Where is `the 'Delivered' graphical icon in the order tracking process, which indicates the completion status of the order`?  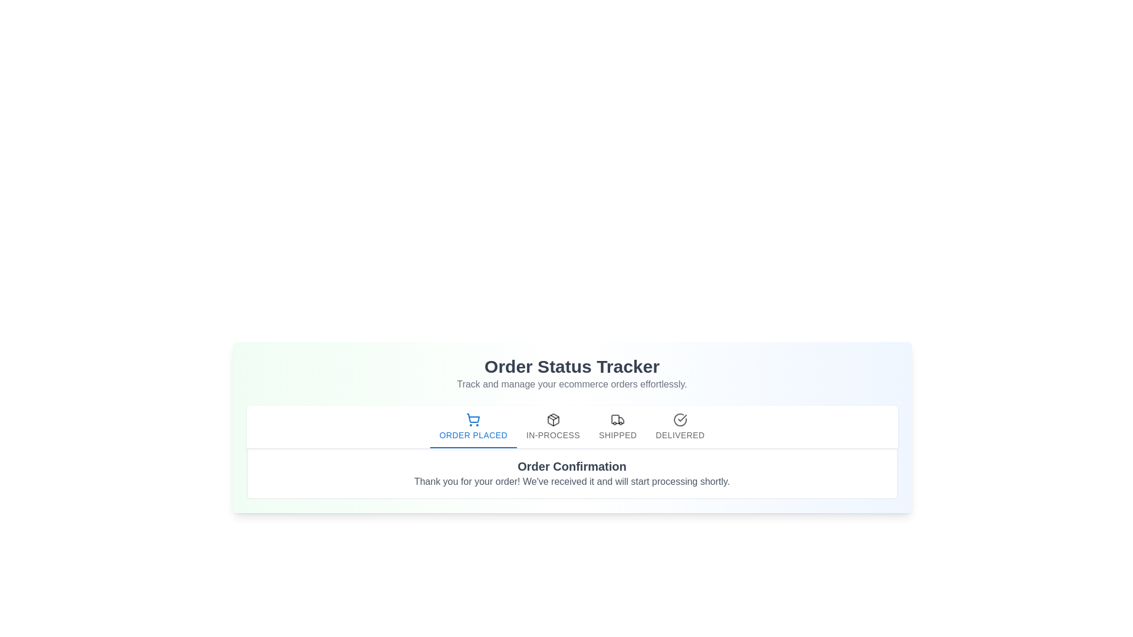 the 'Delivered' graphical icon in the order tracking process, which indicates the completion status of the order is located at coordinates (680, 419).